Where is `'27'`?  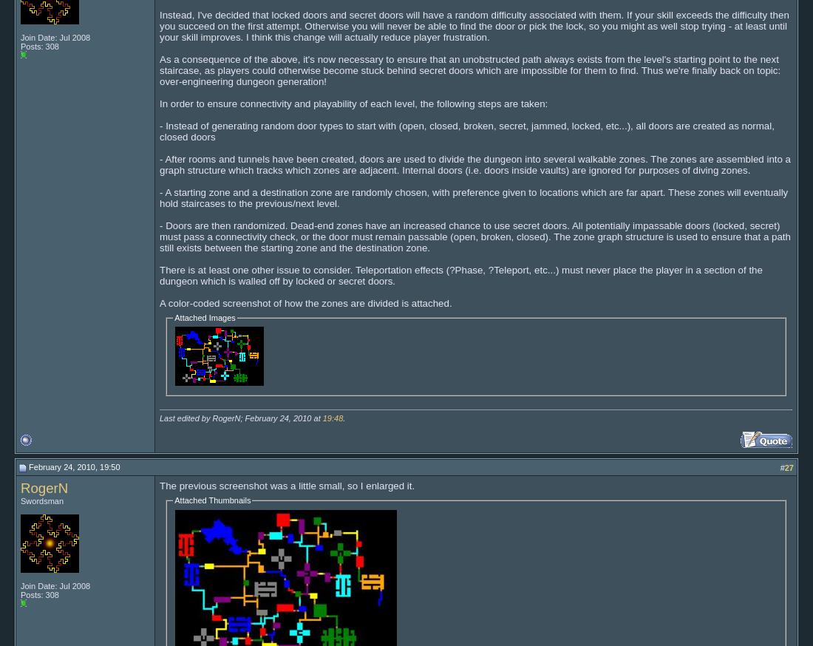 '27' is located at coordinates (789, 466).